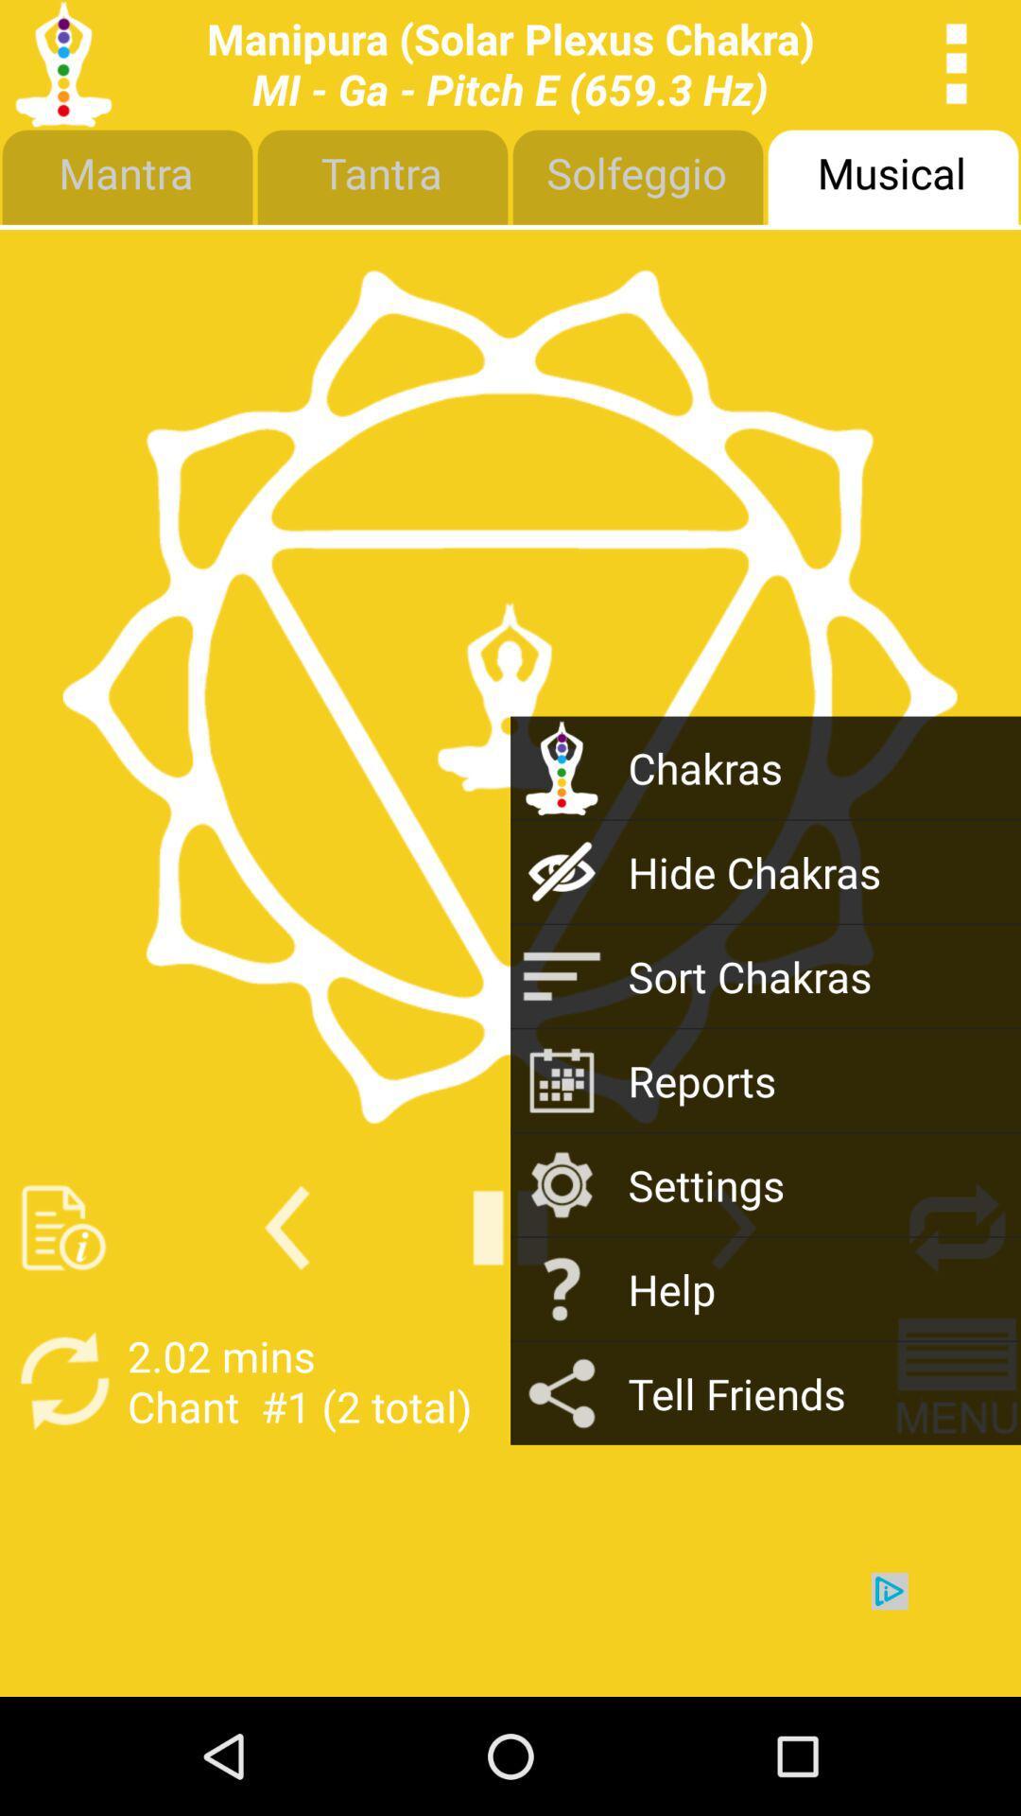  I want to click on the refresh icon, so click(62, 1476).